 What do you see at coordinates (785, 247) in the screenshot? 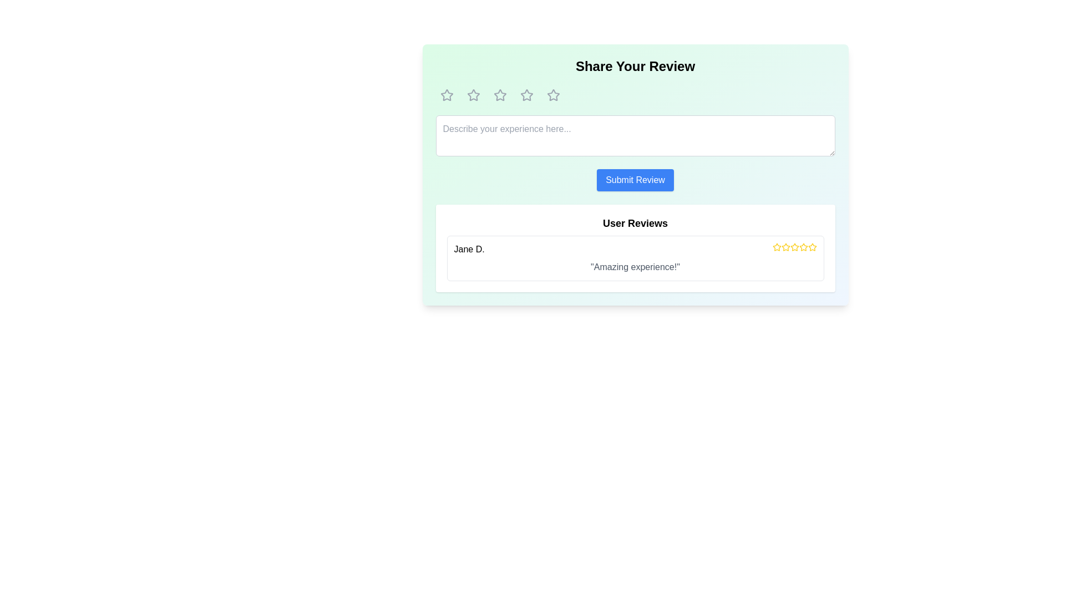
I see `the third star in the 5-star rating system located in the 'User Reviews' section to interact with the rating system` at bounding box center [785, 247].